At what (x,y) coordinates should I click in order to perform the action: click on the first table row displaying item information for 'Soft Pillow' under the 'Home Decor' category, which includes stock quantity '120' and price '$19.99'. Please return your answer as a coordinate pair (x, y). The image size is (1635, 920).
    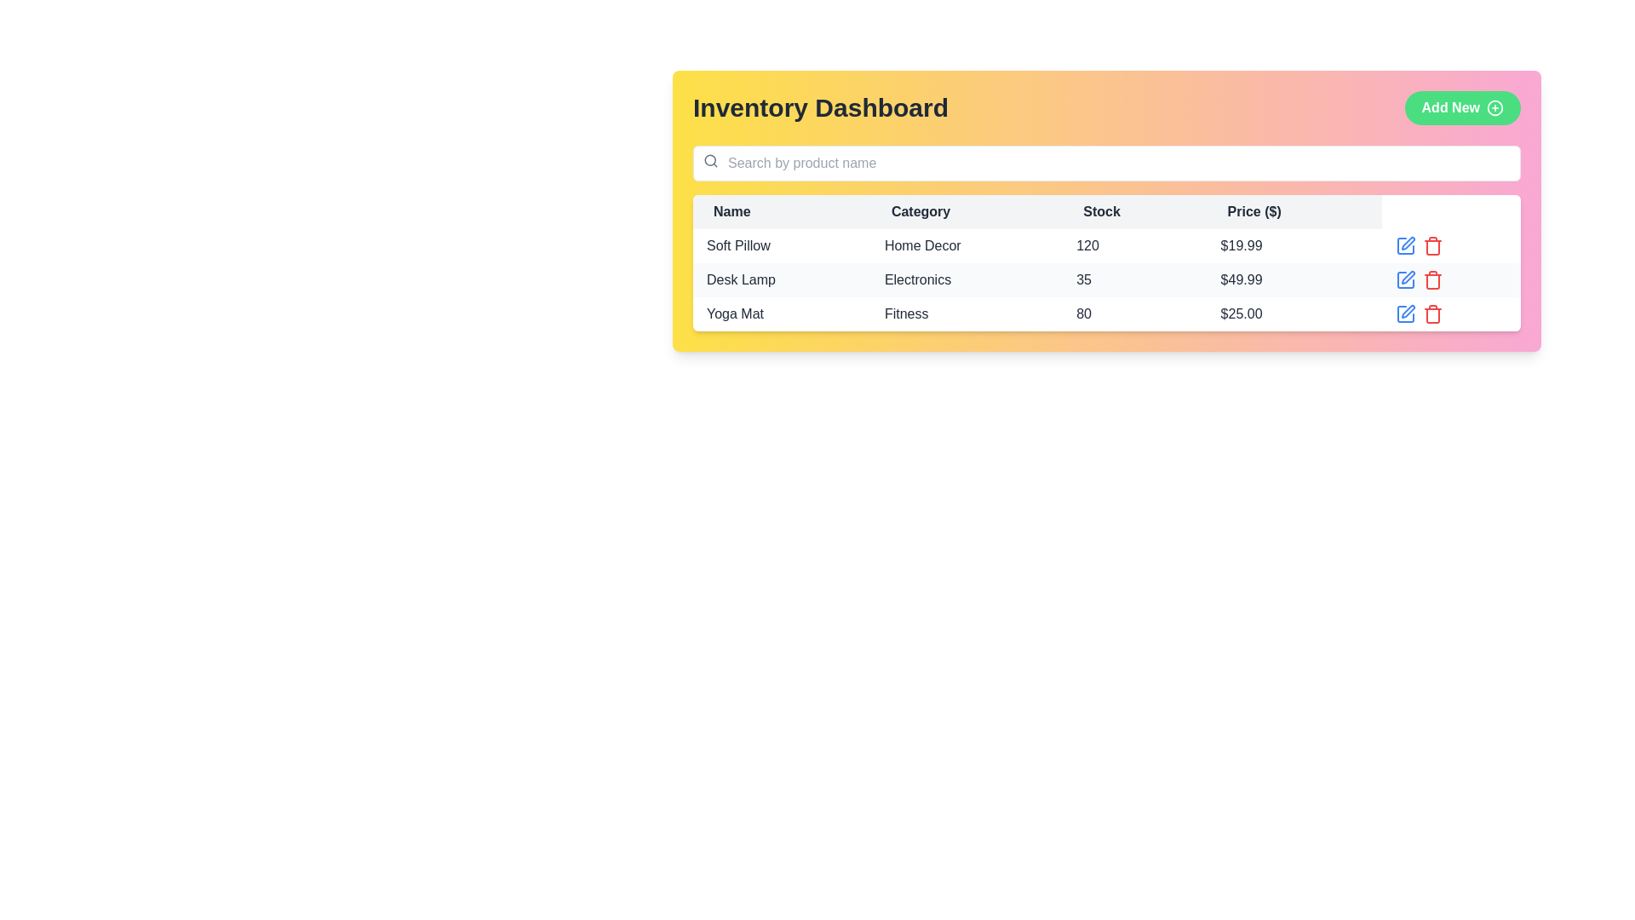
    Looking at the image, I should click on (1107, 246).